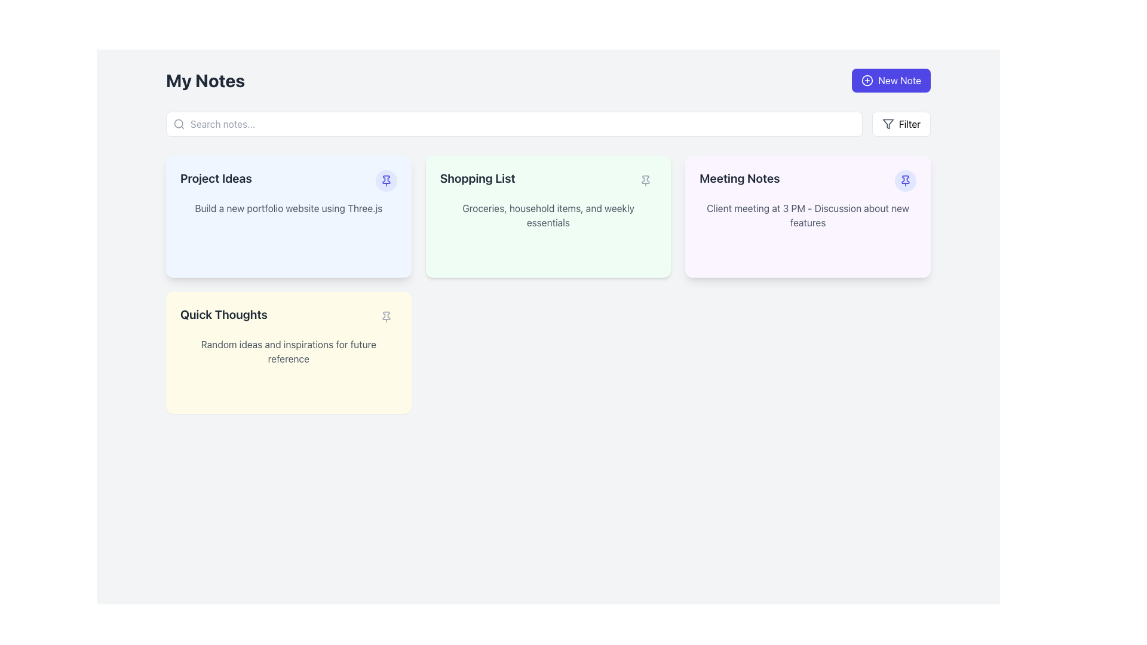  I want to click on the pin icon located, so click(645, 179).